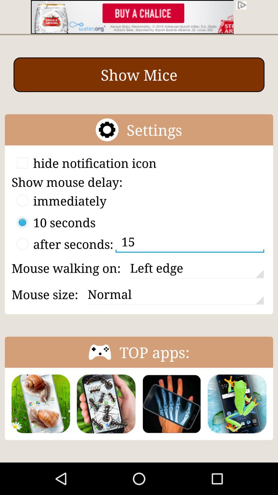 The width and height of the screenshot is (278, 495). Describe the element at coordinates (237, 403) in the screenshot. I see `open app` at that location.